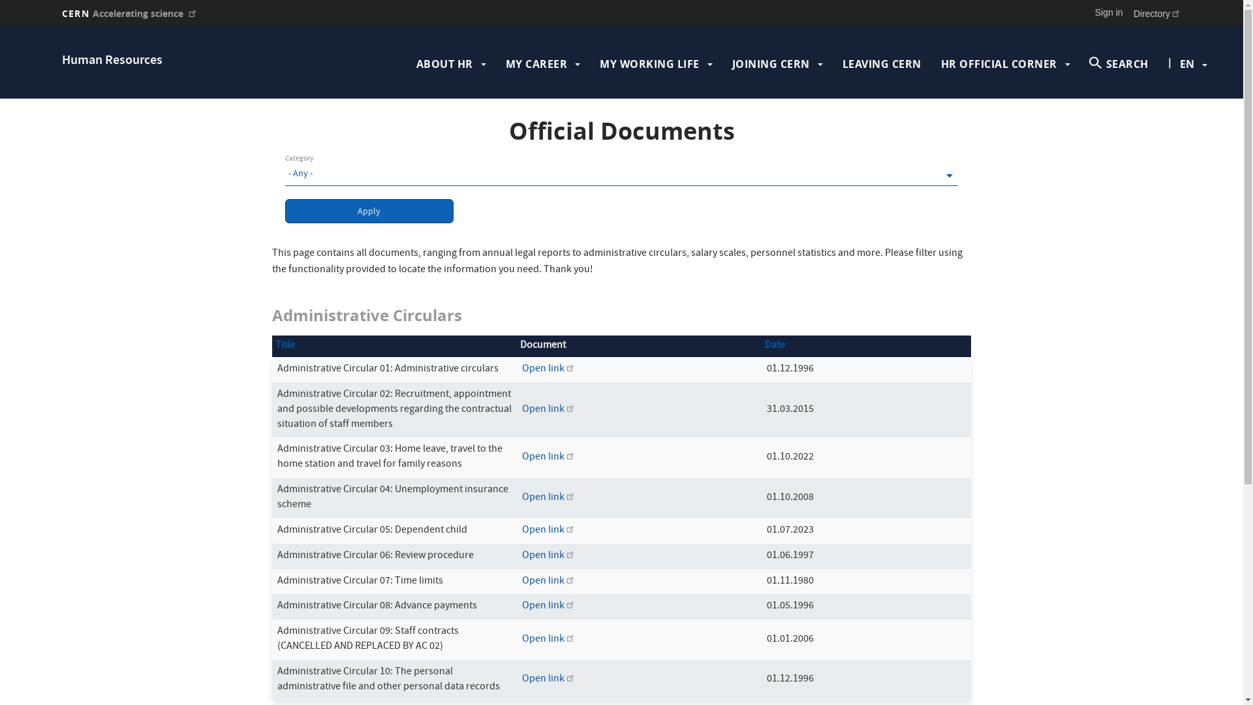  Describe the element at coordinates (536, 63) in the screenshot. I see `'MY CAREER'` at that location.